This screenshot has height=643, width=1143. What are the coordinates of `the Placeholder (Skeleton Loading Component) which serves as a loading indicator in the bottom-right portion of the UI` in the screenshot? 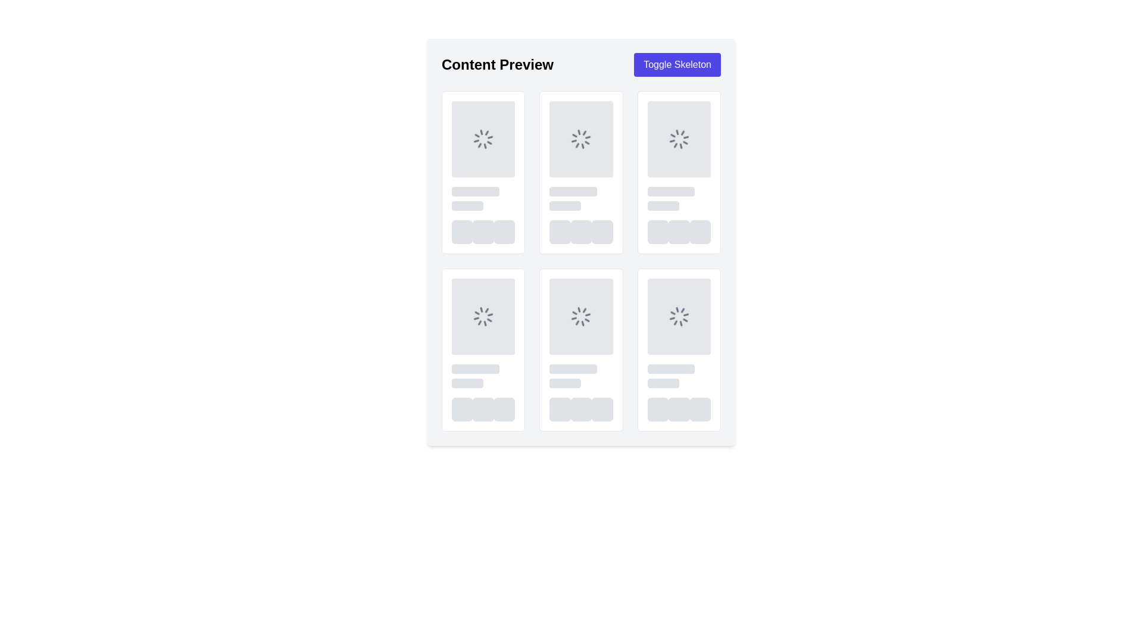 It's located at (663, 383).